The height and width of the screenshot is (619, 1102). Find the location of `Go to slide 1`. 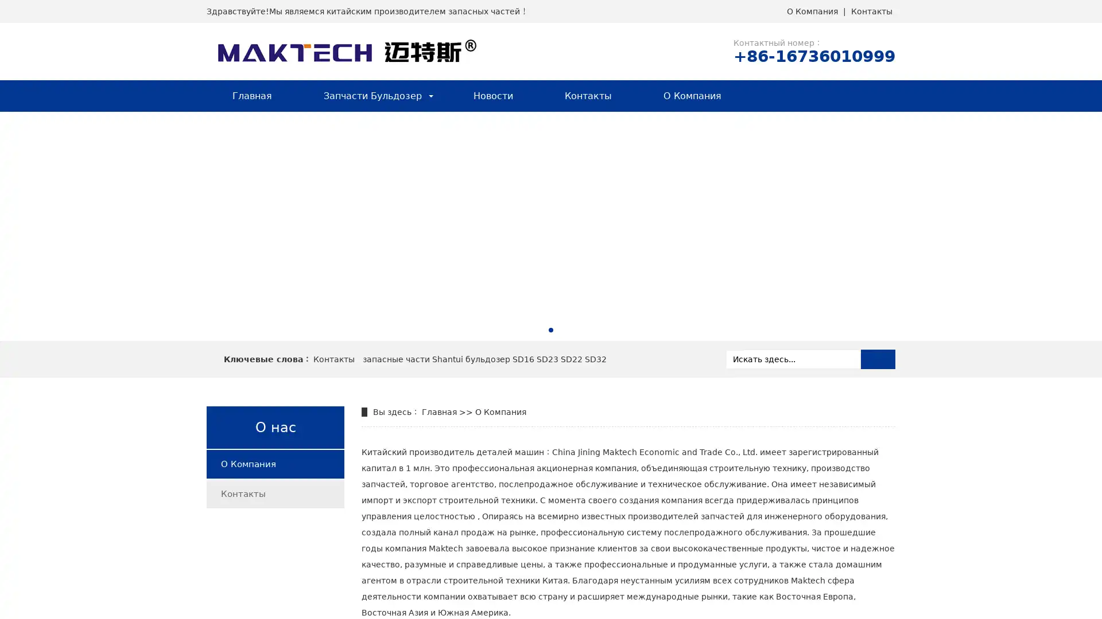

Go to slide 1 is located at coordinates (551, 330).